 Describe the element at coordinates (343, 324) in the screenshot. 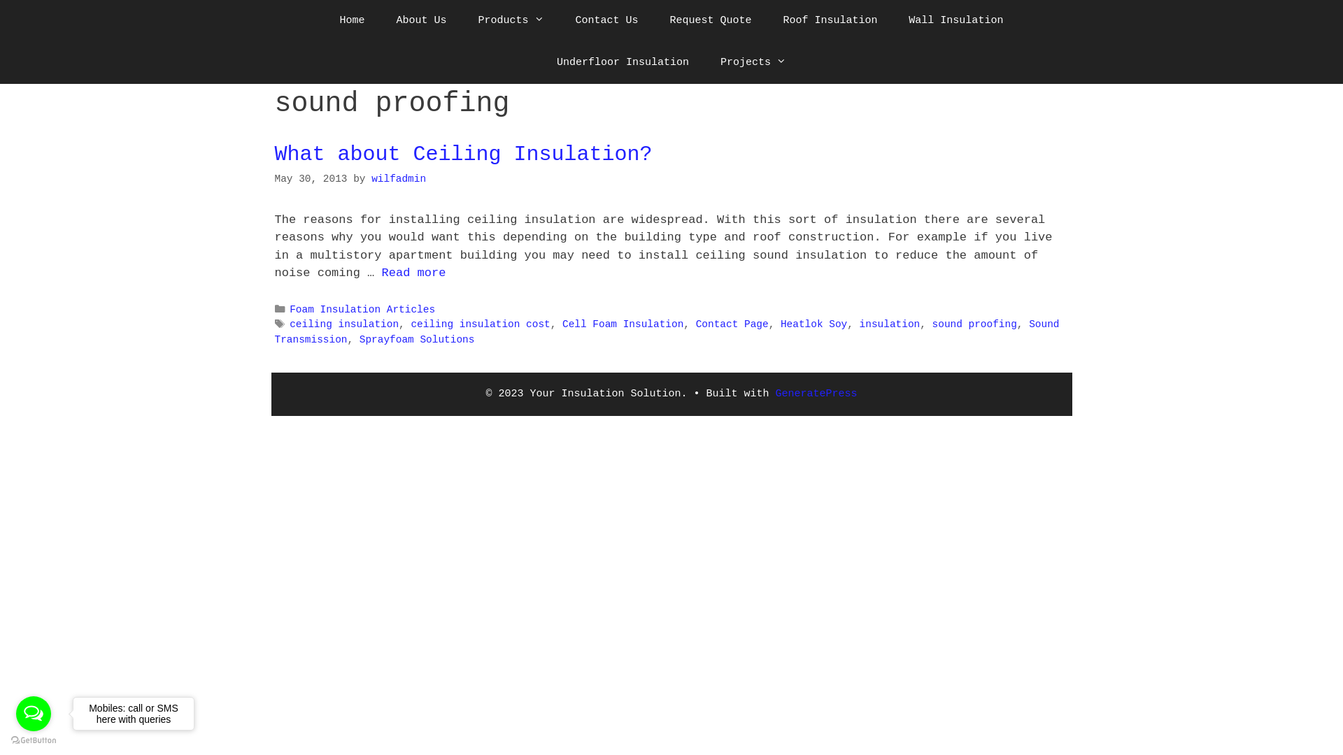

I see `'ceiling insulation'` at that location.